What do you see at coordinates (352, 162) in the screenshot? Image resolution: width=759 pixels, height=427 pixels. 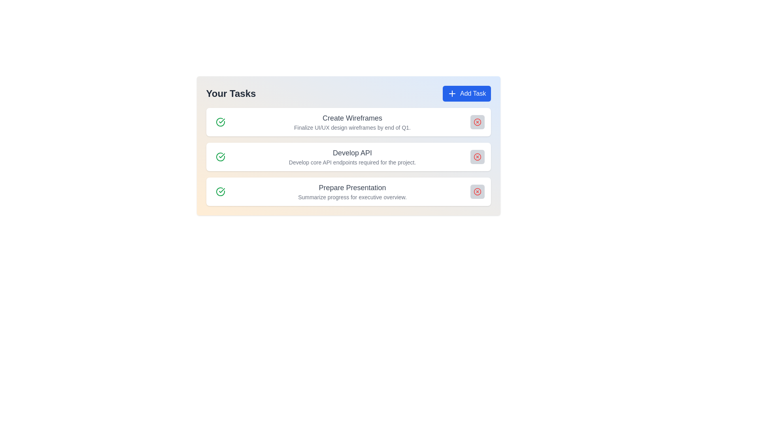 I see `text label containing the content 'Develop core API endpoints required for the project.' which is styled in a smaller font size and gray color, located beneath the bold heading 'Develop API' in the task card` at bounding box center [352, 162].